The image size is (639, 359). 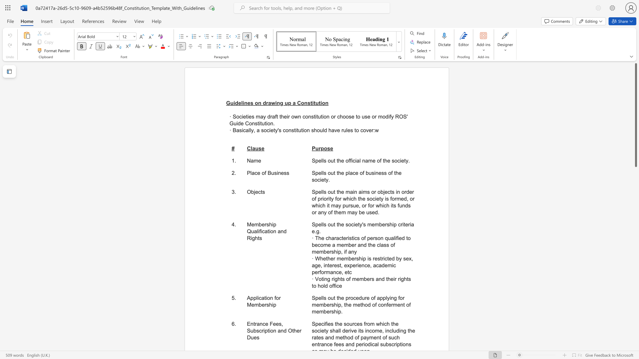 I want to click on the subset text "les to cove" within the text "society", so click(x=346, y=130).